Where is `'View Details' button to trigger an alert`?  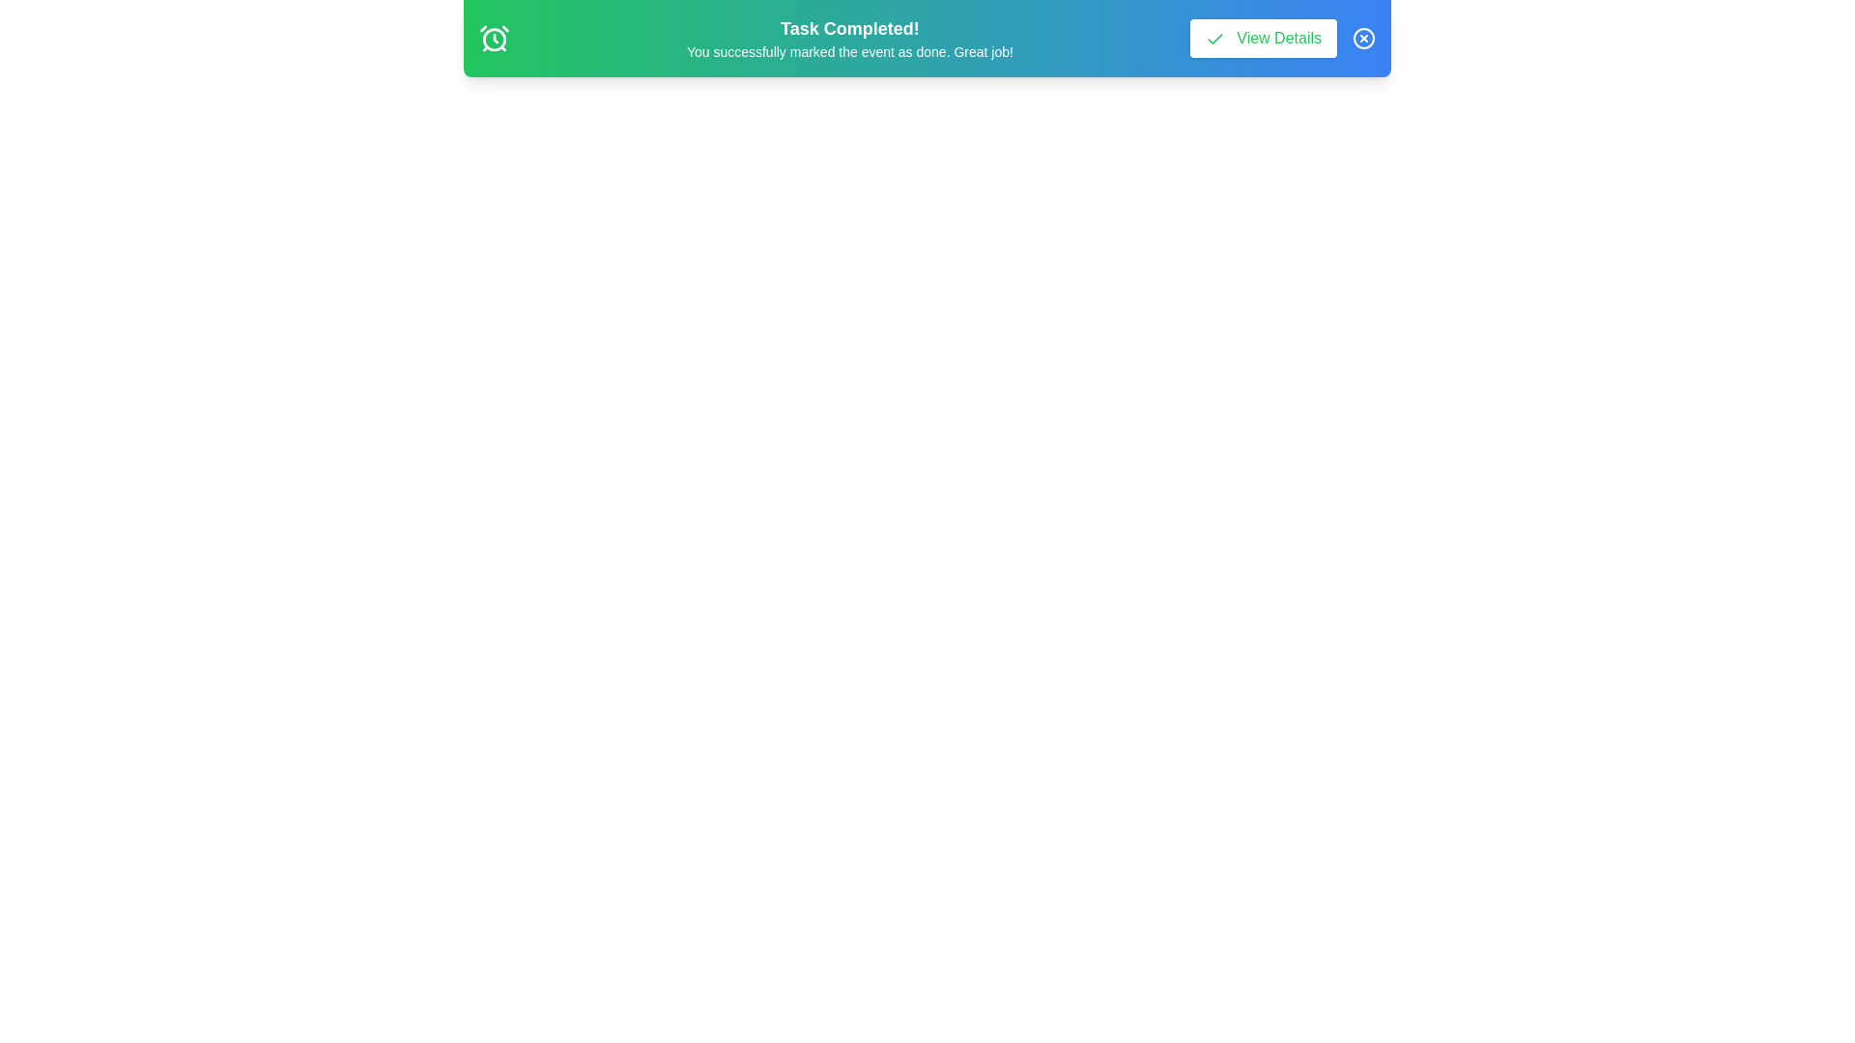 'View Details' button to trigger an alert is located at coordinates (1263, 38).